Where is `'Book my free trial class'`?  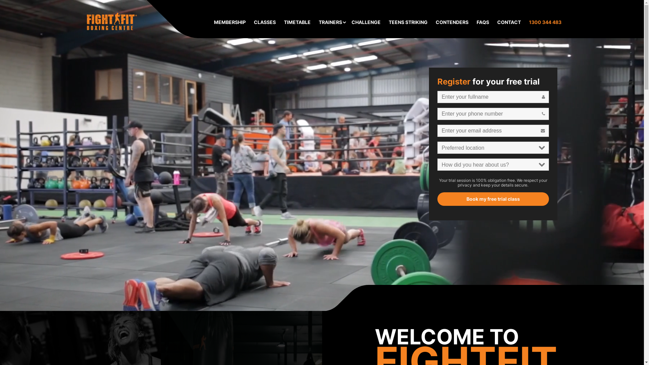 'Book my free trial class' is located at coordinates (322, 237).